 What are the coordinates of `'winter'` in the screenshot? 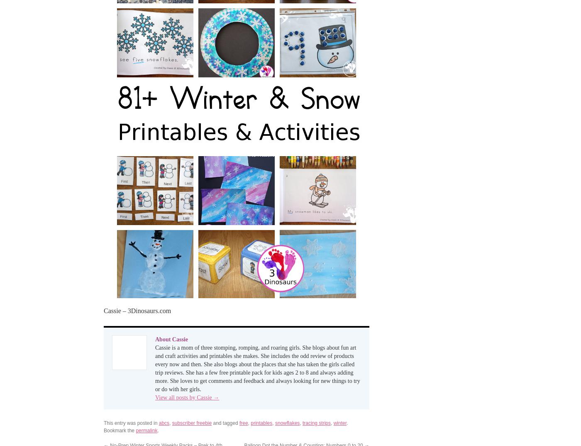 It's located at (340, 422).